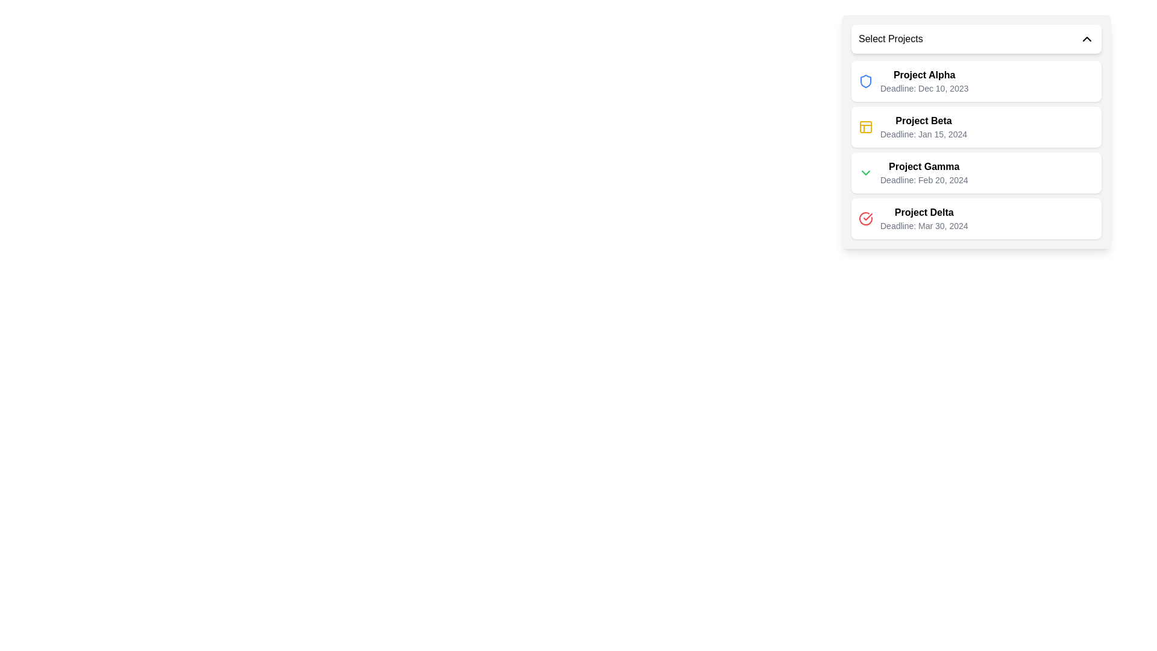 This screenshot has height=651, width=1157. I want to click on the text label 'Project Beta' in the dropdown panel, which is the second entry in the list and is located above the deadline text, so click(923, 121).